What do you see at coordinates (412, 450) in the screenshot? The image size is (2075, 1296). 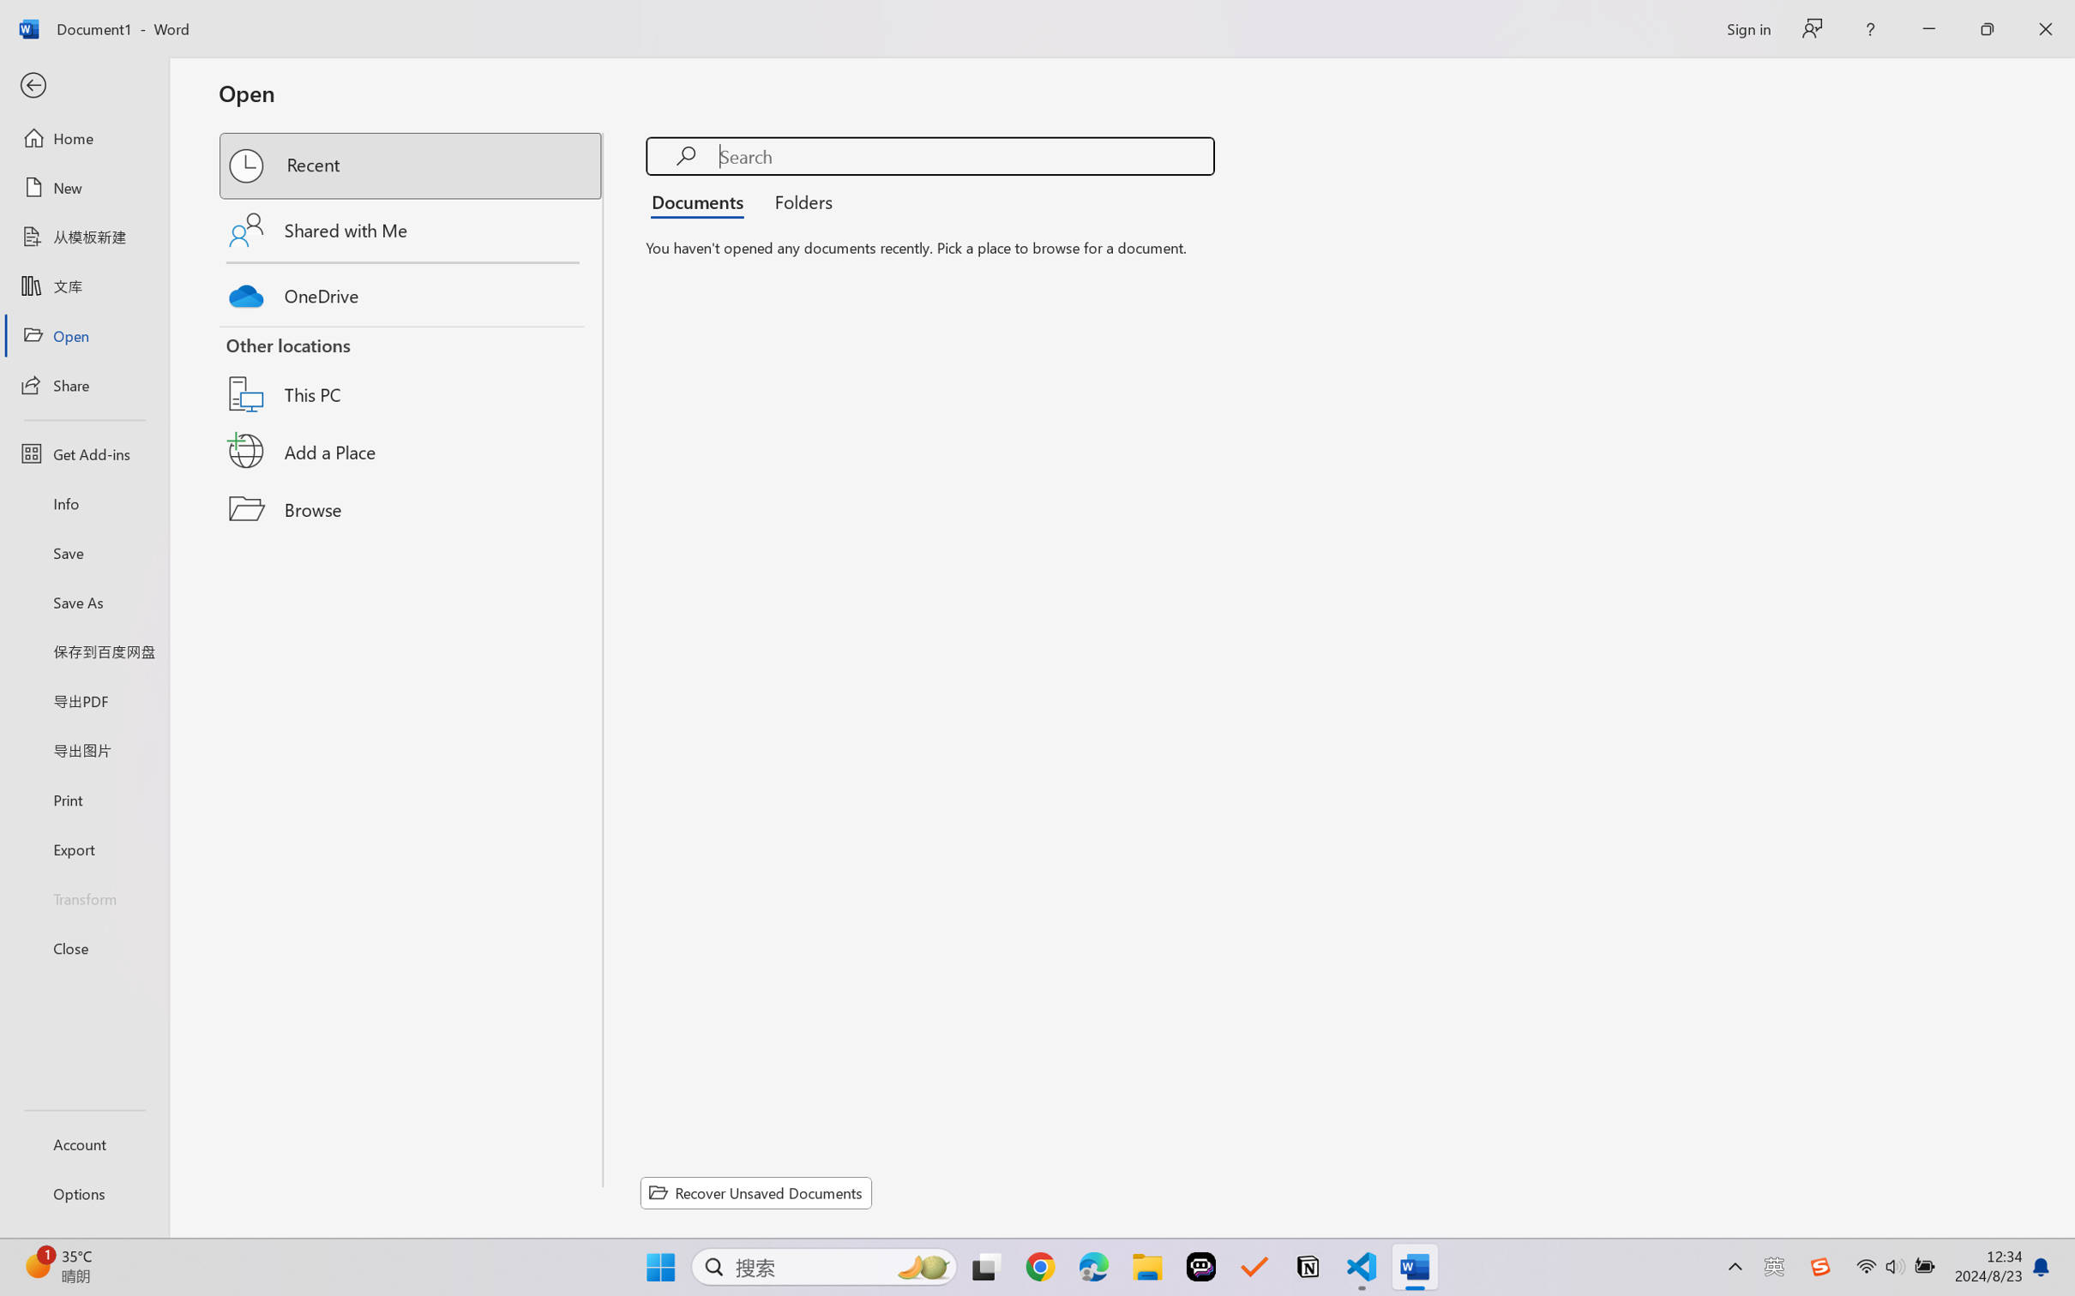 I see `'Add a Place'` at bounding box center [412, 450].